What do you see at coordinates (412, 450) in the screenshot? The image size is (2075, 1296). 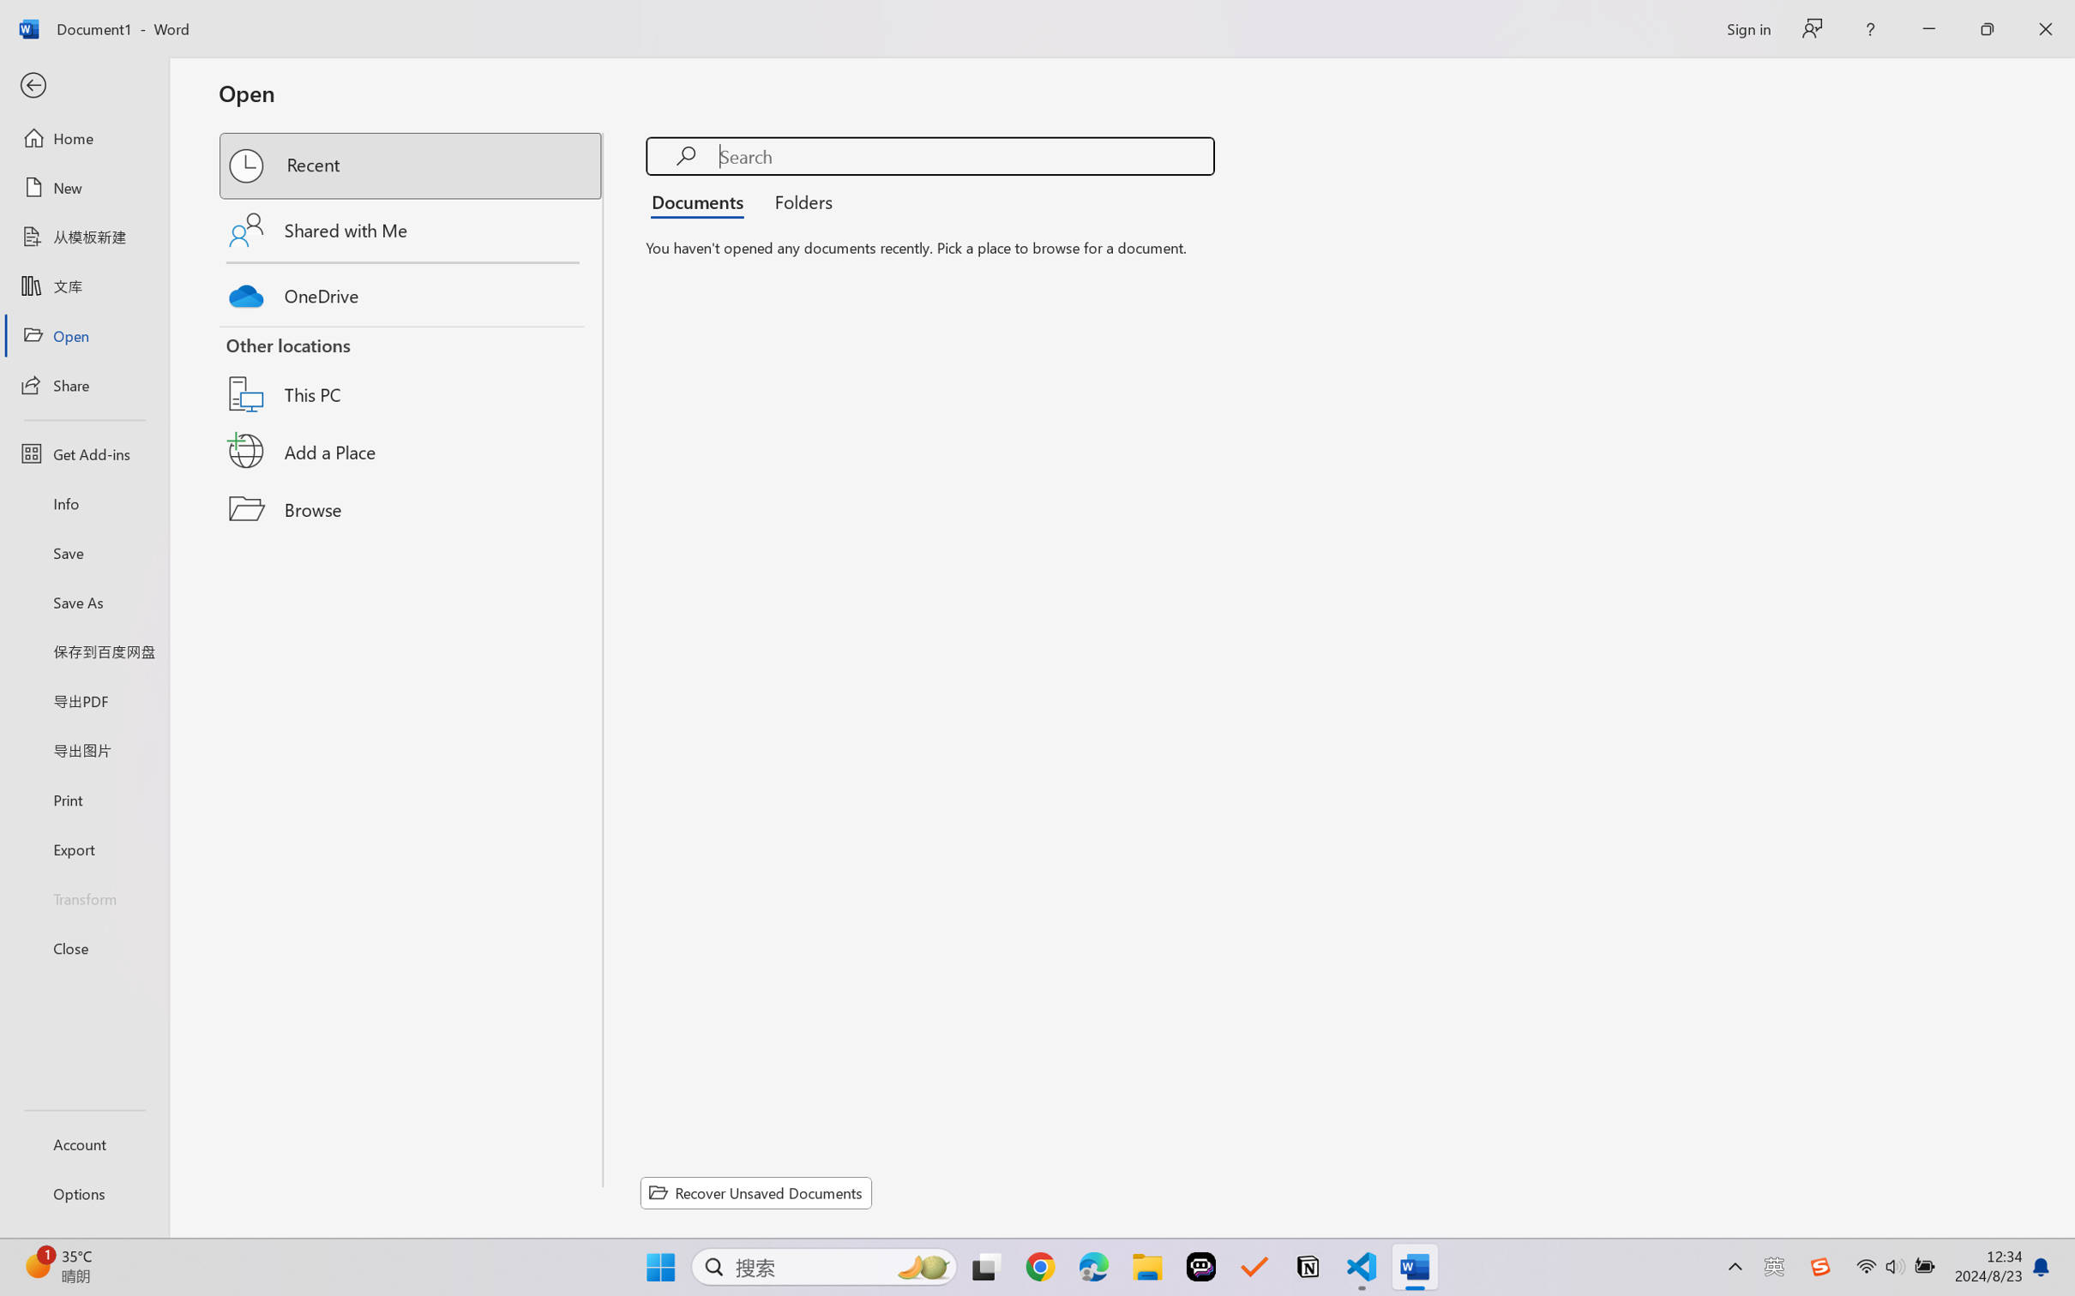 I see `'Add a Place'` at bounding box center [412, 450].